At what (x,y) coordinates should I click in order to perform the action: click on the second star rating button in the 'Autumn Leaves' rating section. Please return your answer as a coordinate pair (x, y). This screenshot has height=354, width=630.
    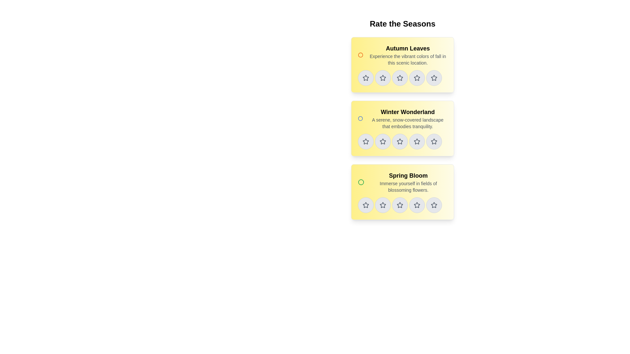
    Looking at the image, I should click on (383, 78).